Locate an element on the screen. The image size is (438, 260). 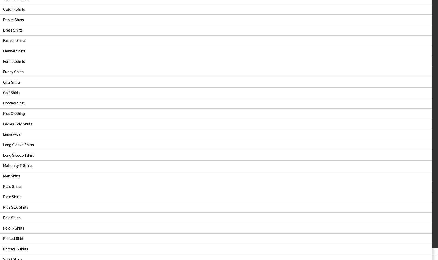
'Funny Shirts' is located at coordinates (13, 71).